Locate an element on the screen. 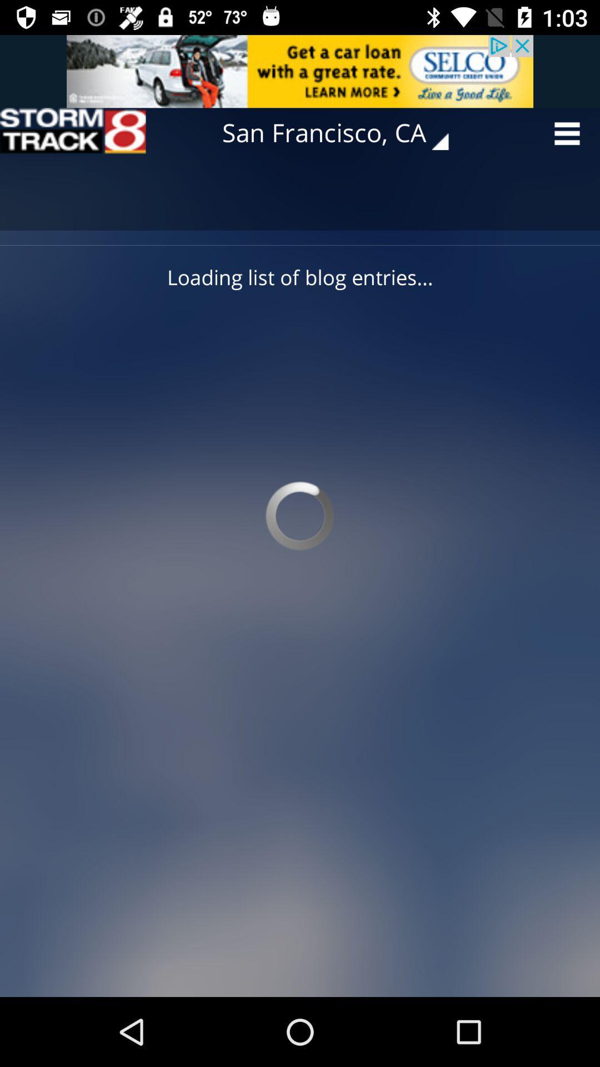 The height and width of the screenshot is (1067, 600). advertisement is located at coordinates (300, 71).